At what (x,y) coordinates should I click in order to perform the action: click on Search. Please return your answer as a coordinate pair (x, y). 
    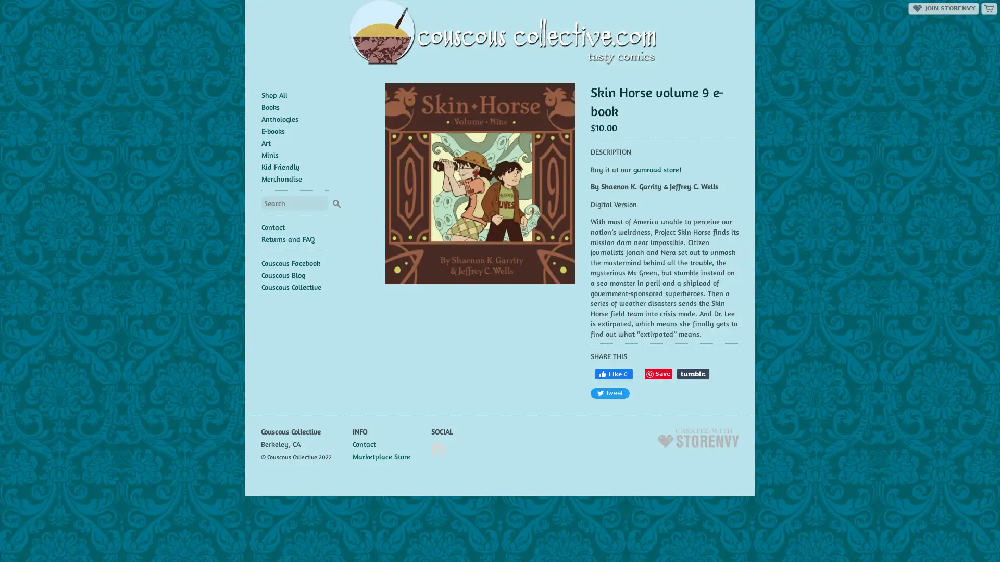
    Looking at the image, I should click on (336, 202).